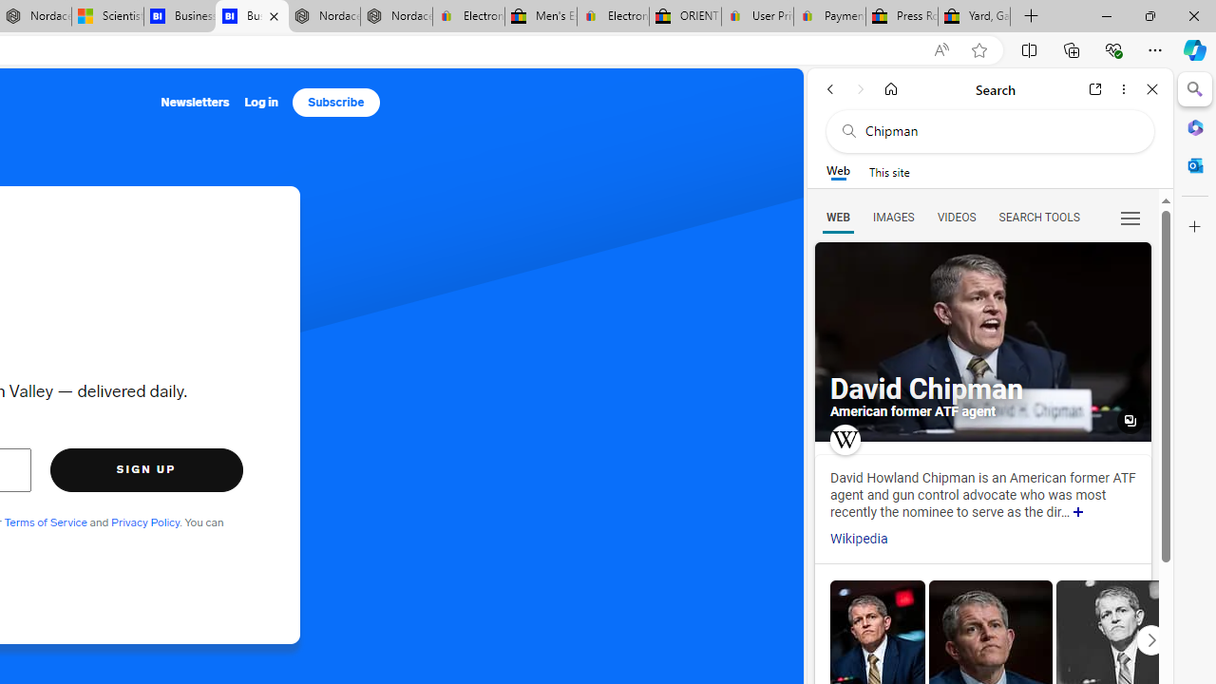 The height and width of the screenshot is (684, 1216). I want to click on 'Terms of Service', so click(46, 522).